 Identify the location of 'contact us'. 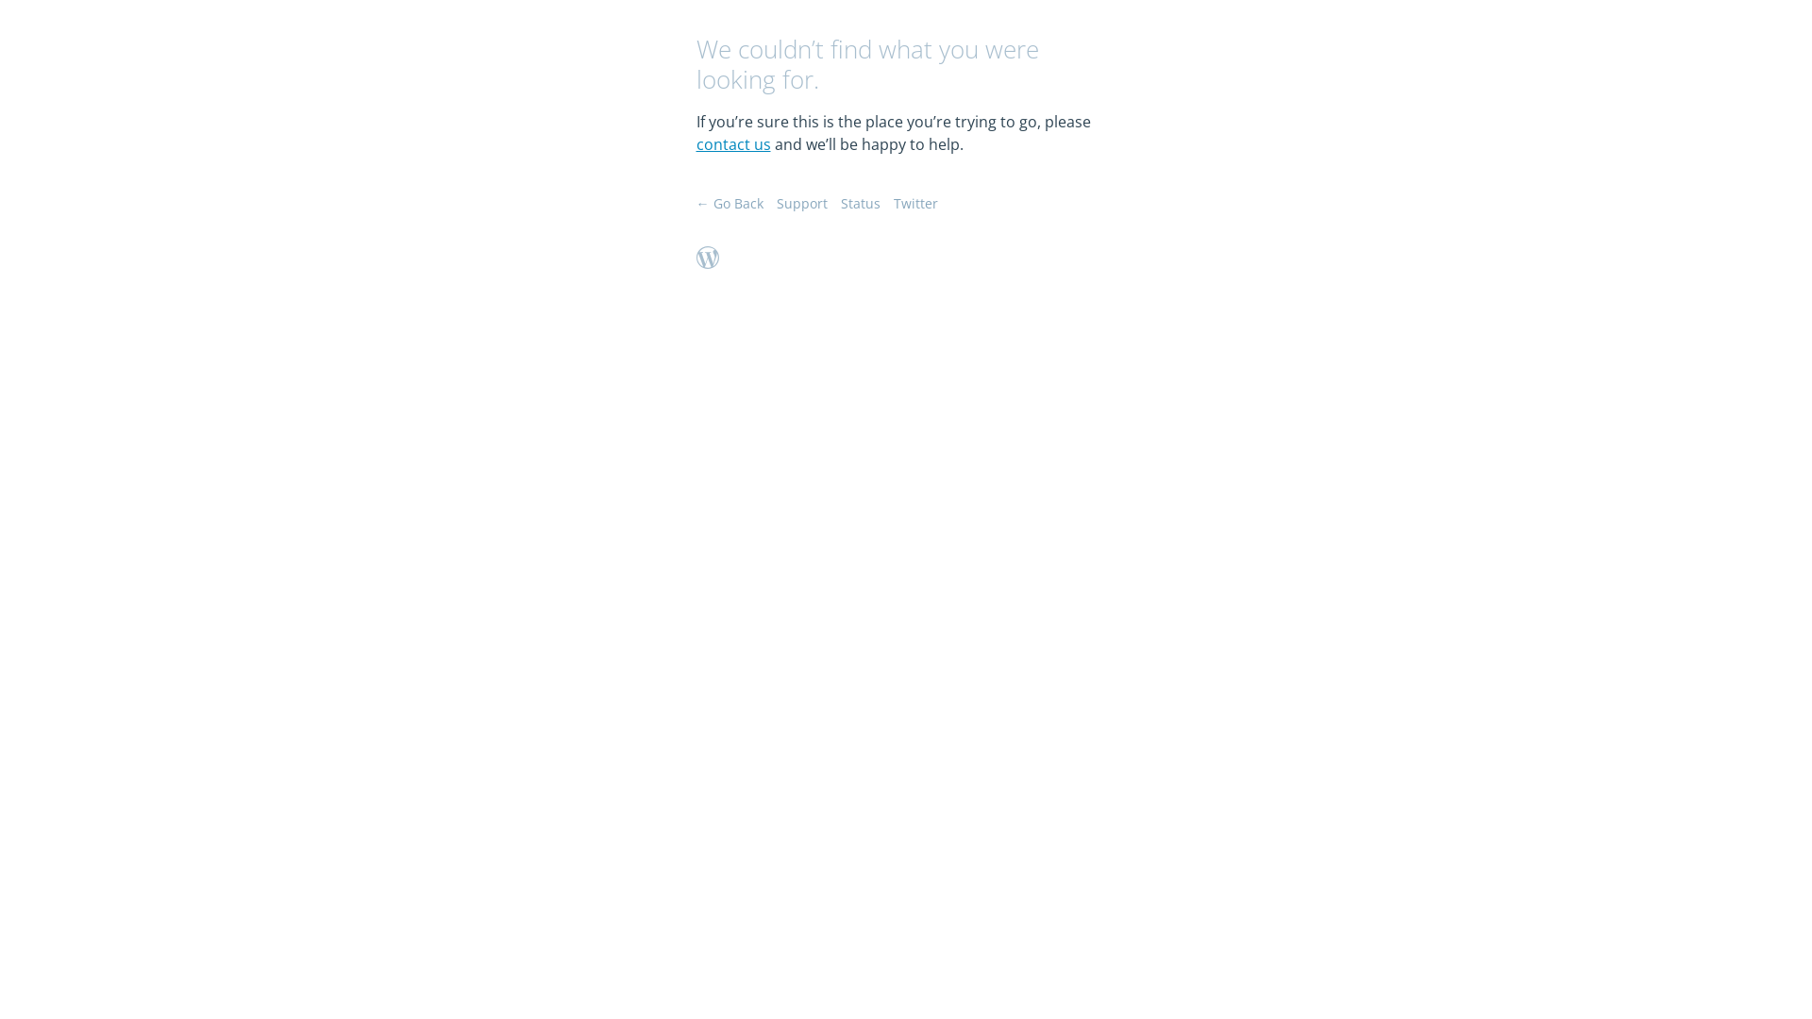
(732, 143).